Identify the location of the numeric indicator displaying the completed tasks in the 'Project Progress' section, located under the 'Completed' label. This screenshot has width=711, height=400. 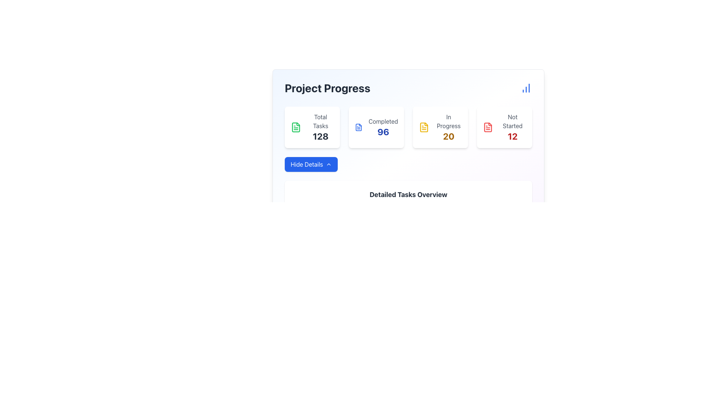
(383, 131).